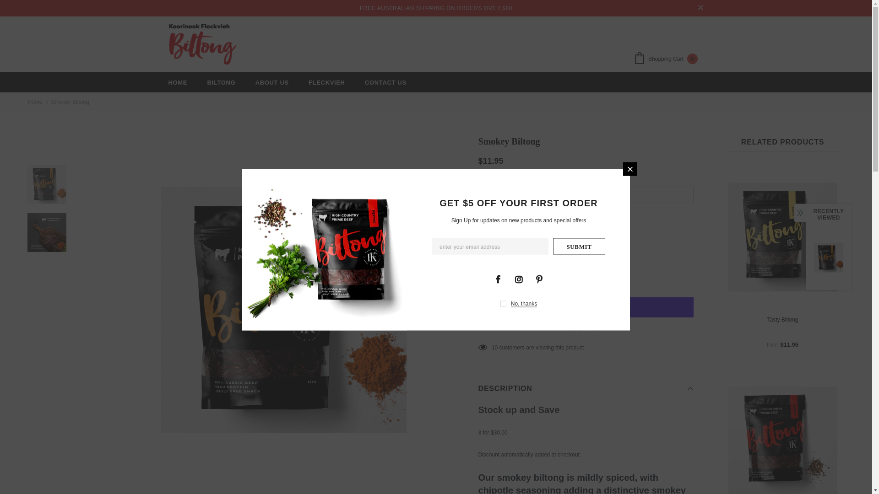 The image size is (879, 494). Describe the element at coordinates (629, 169) in the screenshot. I see `'Close'` at that location.